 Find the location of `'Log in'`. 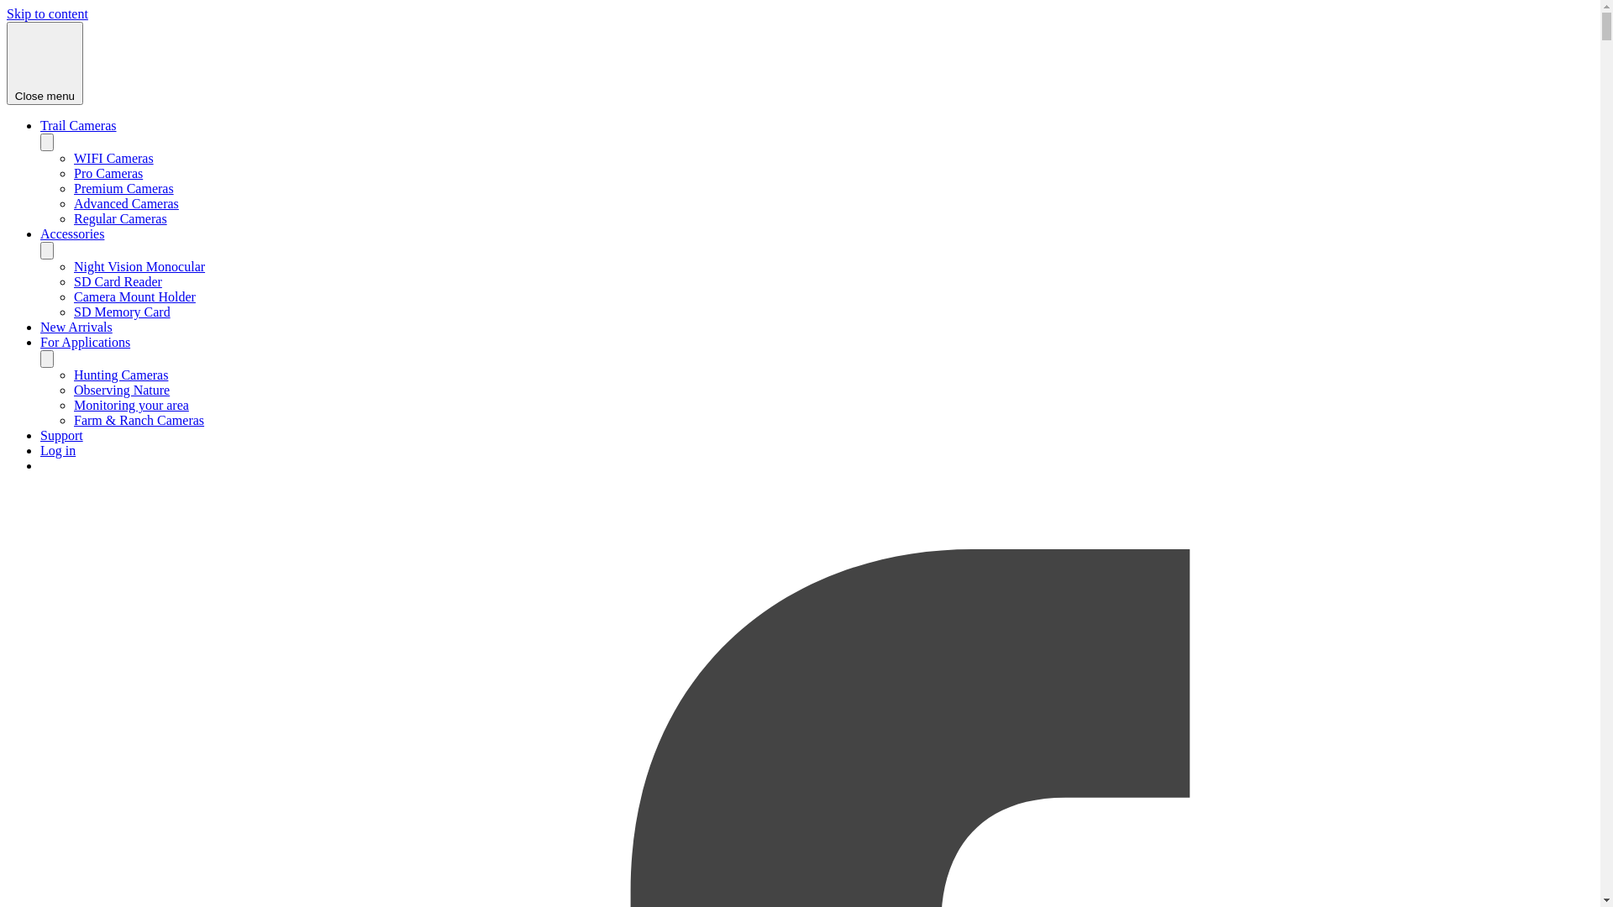

'Log in' is located at coordinates (57, 449).